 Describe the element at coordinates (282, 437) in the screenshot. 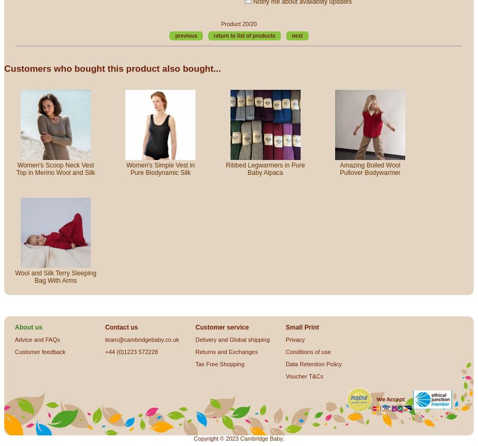

I see `'.'` at that location.